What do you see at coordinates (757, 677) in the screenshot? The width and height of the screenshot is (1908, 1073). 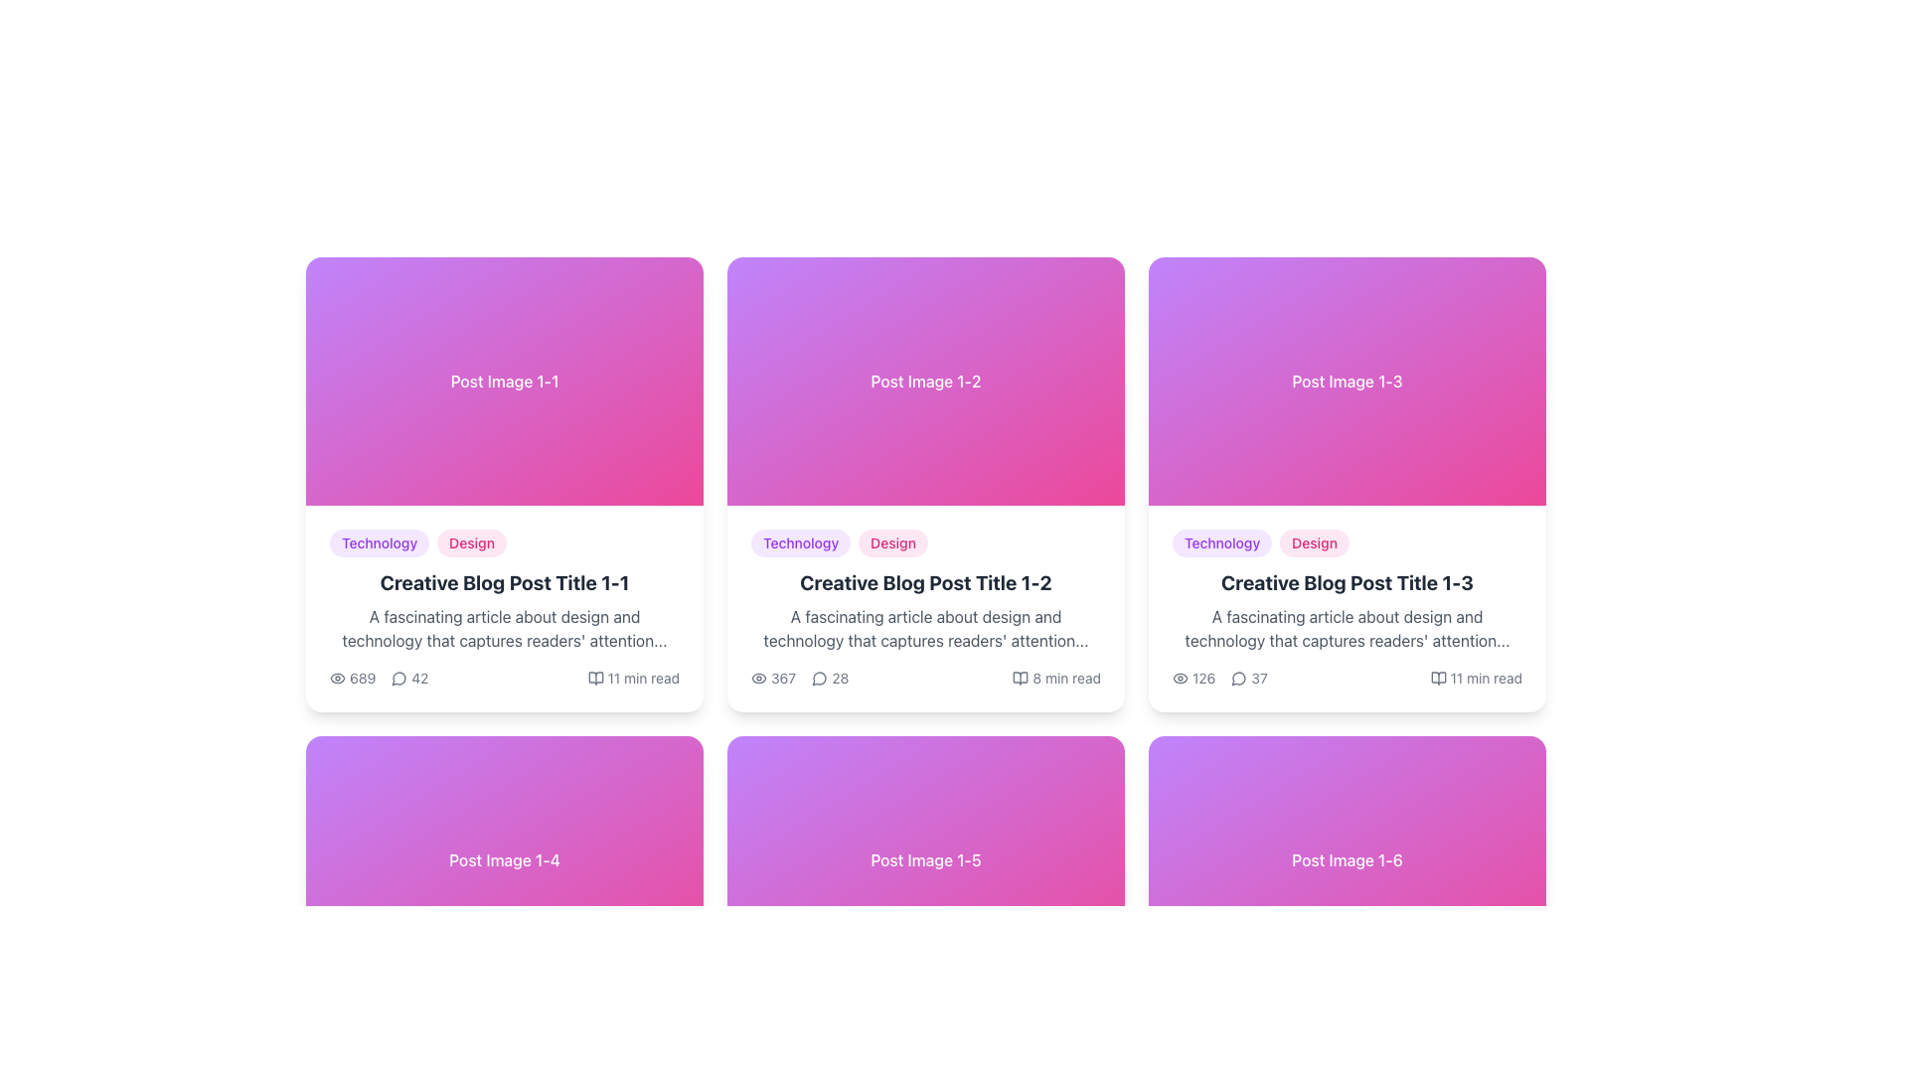 I see `the eye icon, which is styled with a circular border and simple strokes indicating an open eye, located on the second card in the top row, to the left of the numerical count '367'` at bounding box center [757, 677].